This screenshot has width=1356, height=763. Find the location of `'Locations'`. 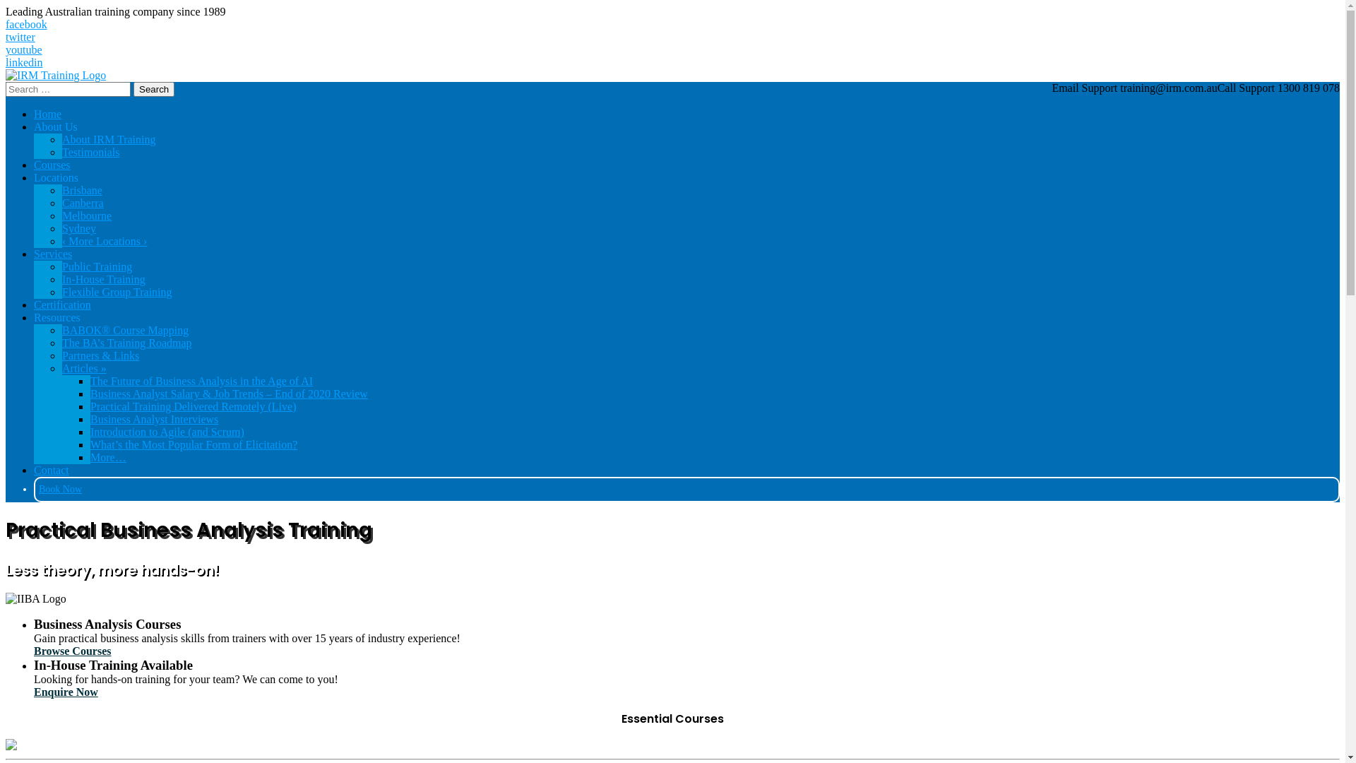

'Locations' is located at coordinates (34, 177).